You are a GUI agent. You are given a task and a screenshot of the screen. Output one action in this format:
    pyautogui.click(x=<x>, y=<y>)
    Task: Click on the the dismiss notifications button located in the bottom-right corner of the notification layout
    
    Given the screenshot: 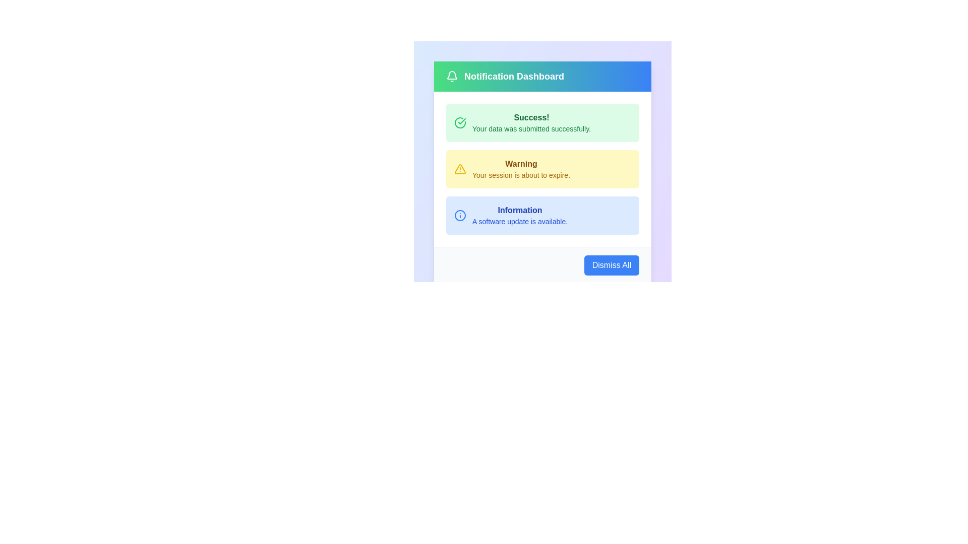 What is the action you would take?
    pyautogui.click(x=611, y=265)
    